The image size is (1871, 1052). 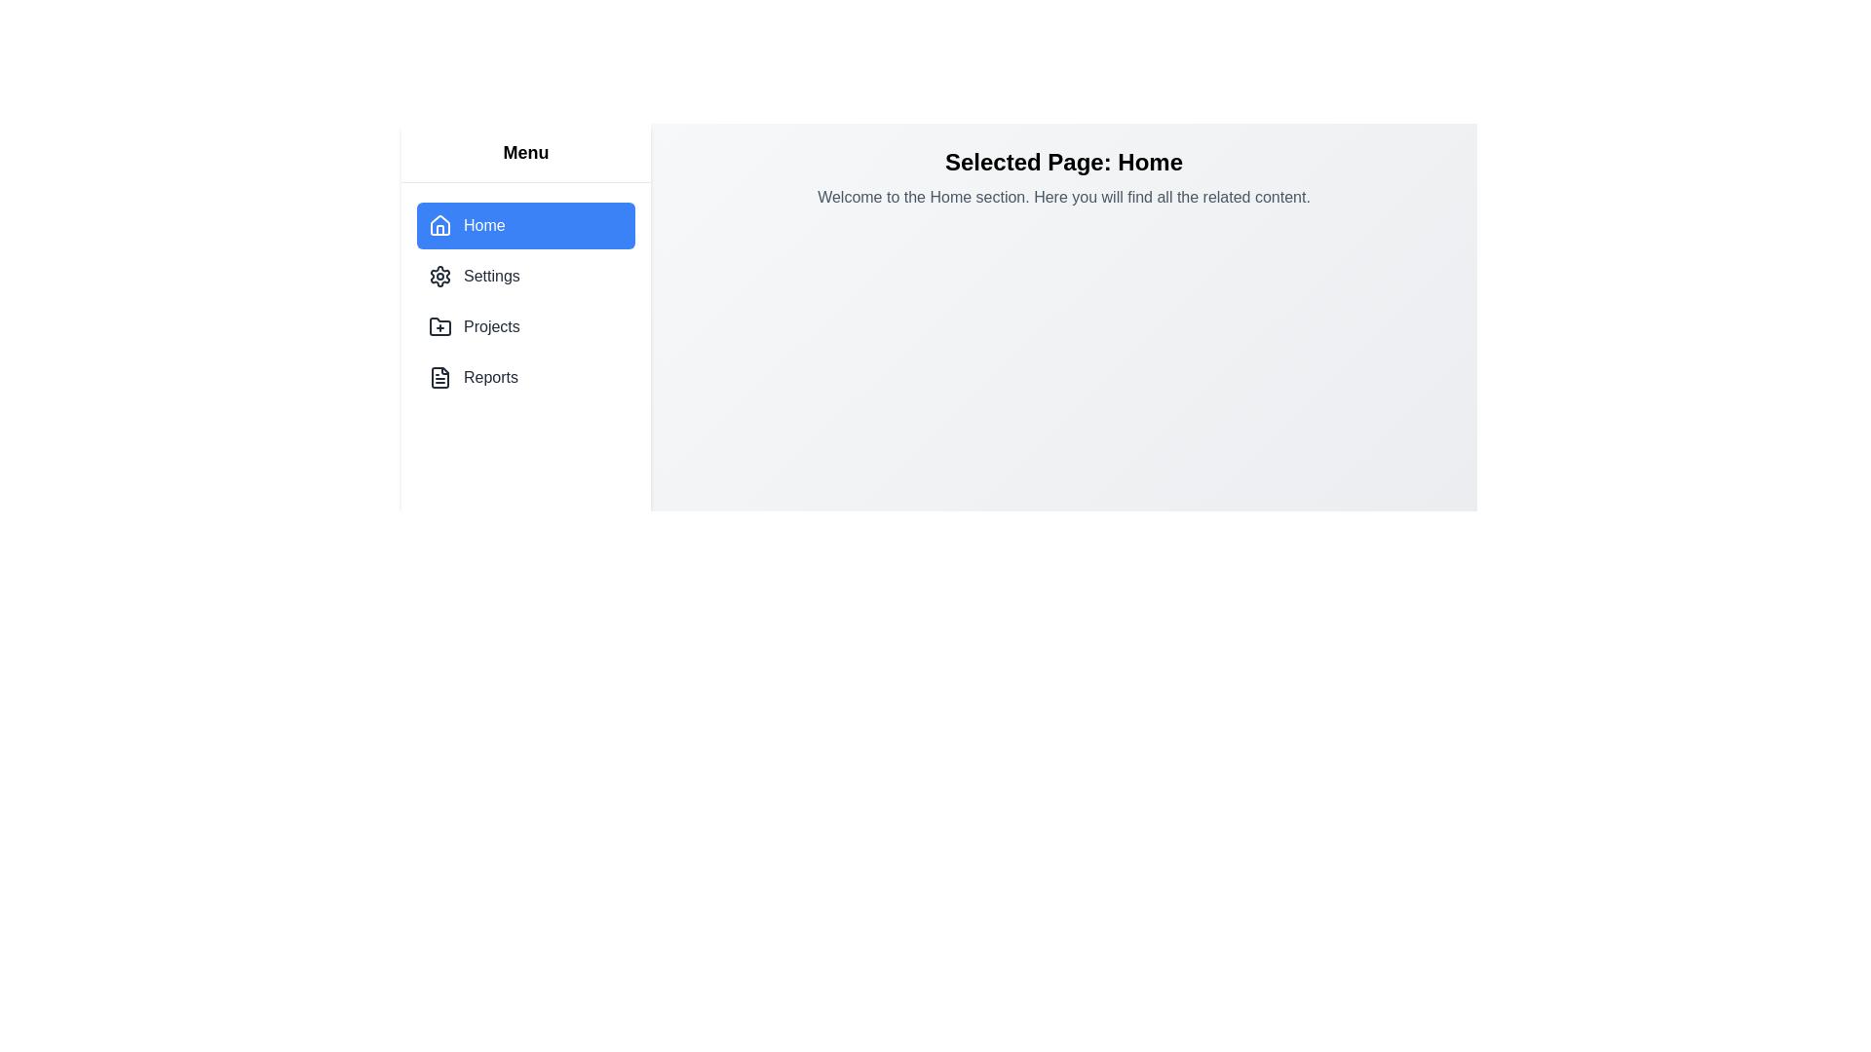 I want to click on the 'Projects' text label located in the side menu, so click(x=491, y=325).